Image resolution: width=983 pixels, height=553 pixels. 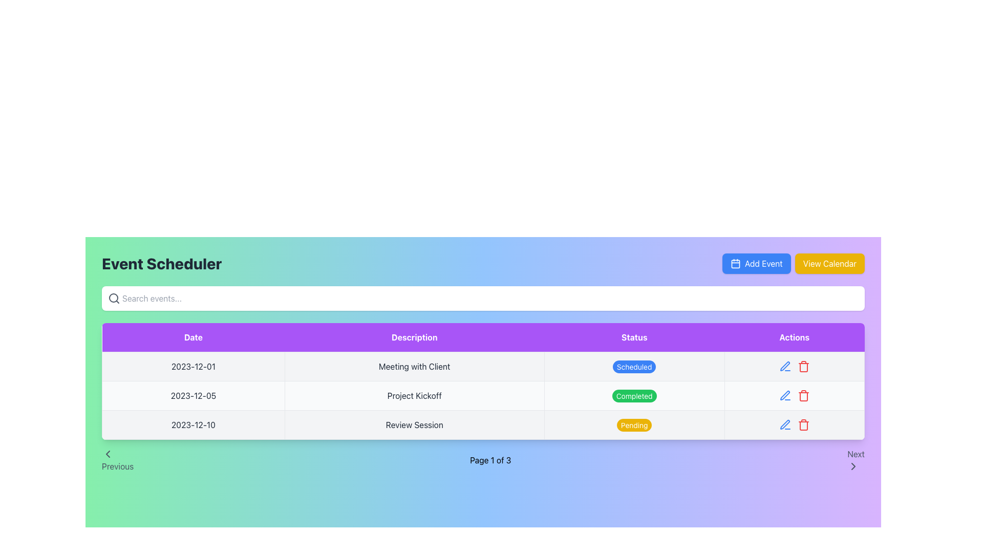 What do you see at coordinates (634, 366) in the screenshot?
I see `the button-like label with the text 'Scheduled' that has rounded borders and a blue background, located in the 'Status' column of the first row in a data table` at bounding box center [634, 366].